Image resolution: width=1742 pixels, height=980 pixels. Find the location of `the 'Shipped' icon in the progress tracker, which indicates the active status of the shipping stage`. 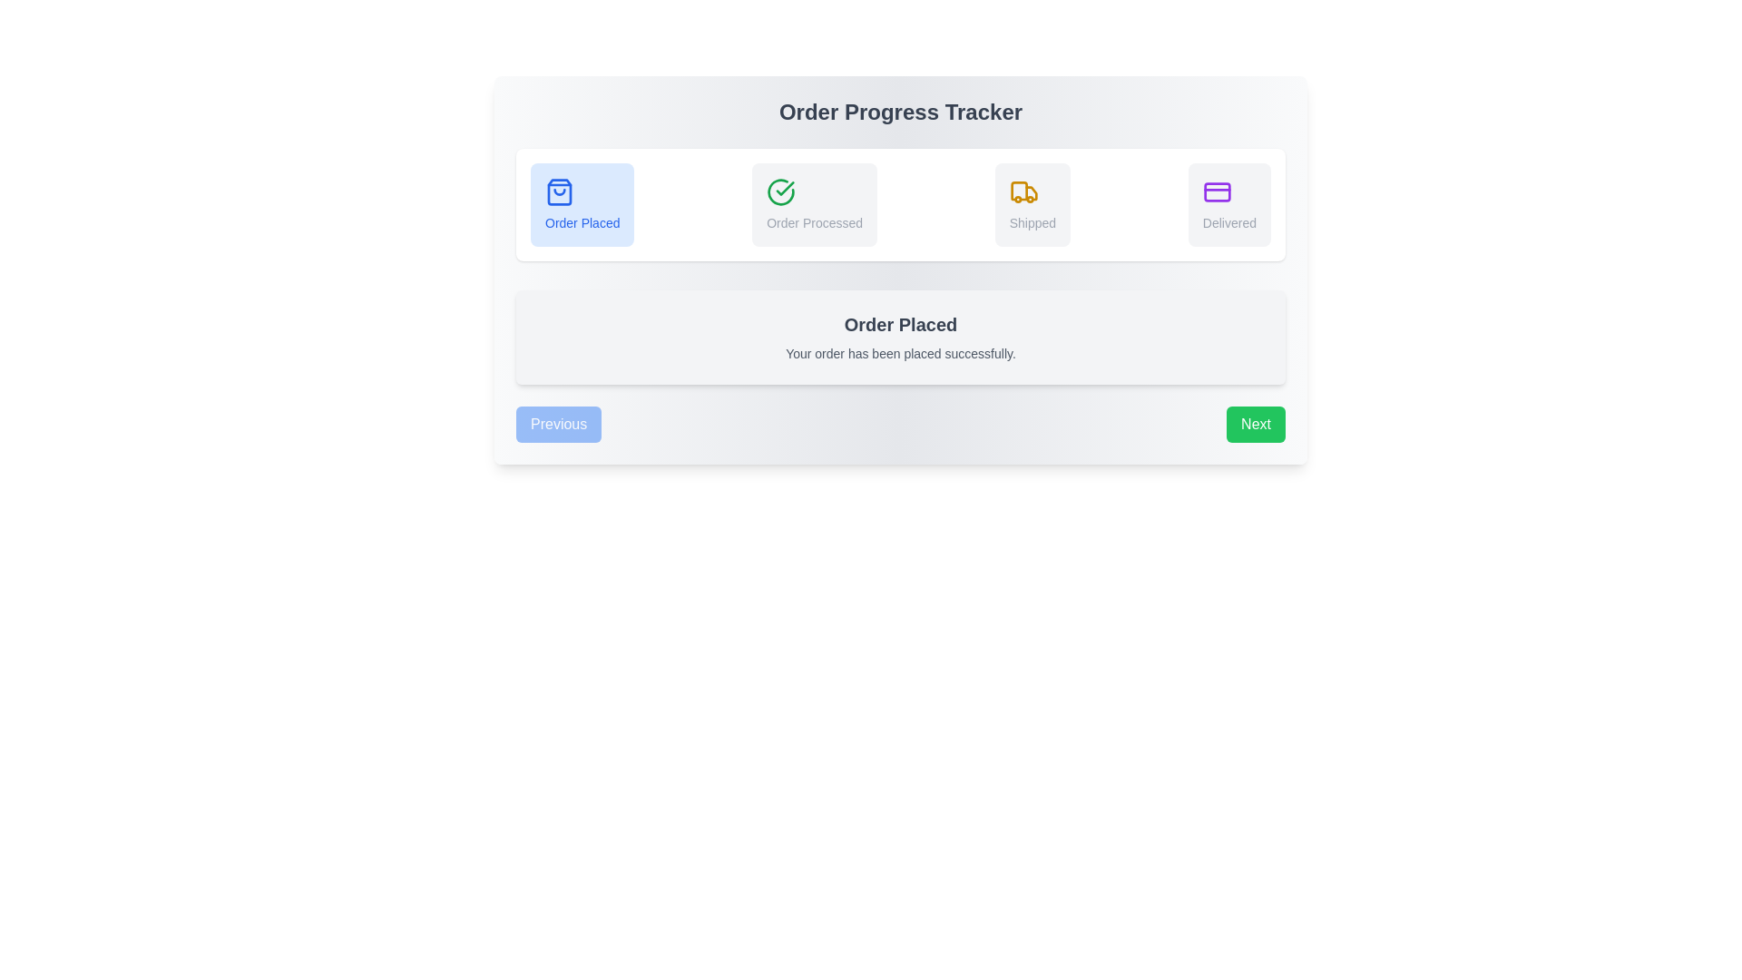

the 'Shipped' icon in the progress tracker, which indicates the active status of the shipping stage is located at coordinates (1023, 192).